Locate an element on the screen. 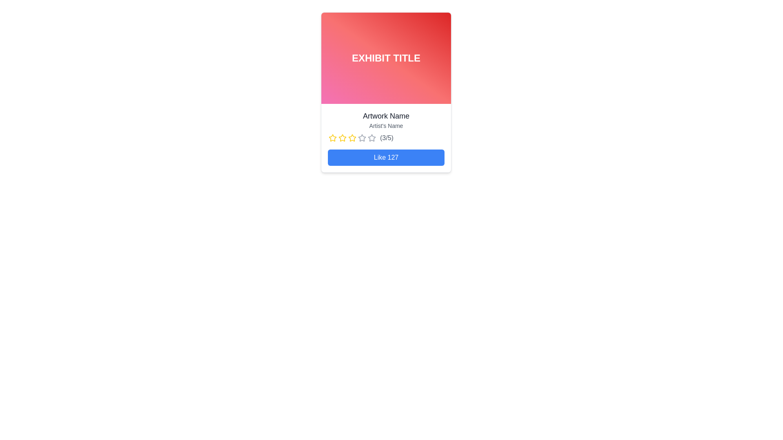 The height and width of the screenshot is (440, 783). the second star in the rating system is located at coordinates (343, 138).